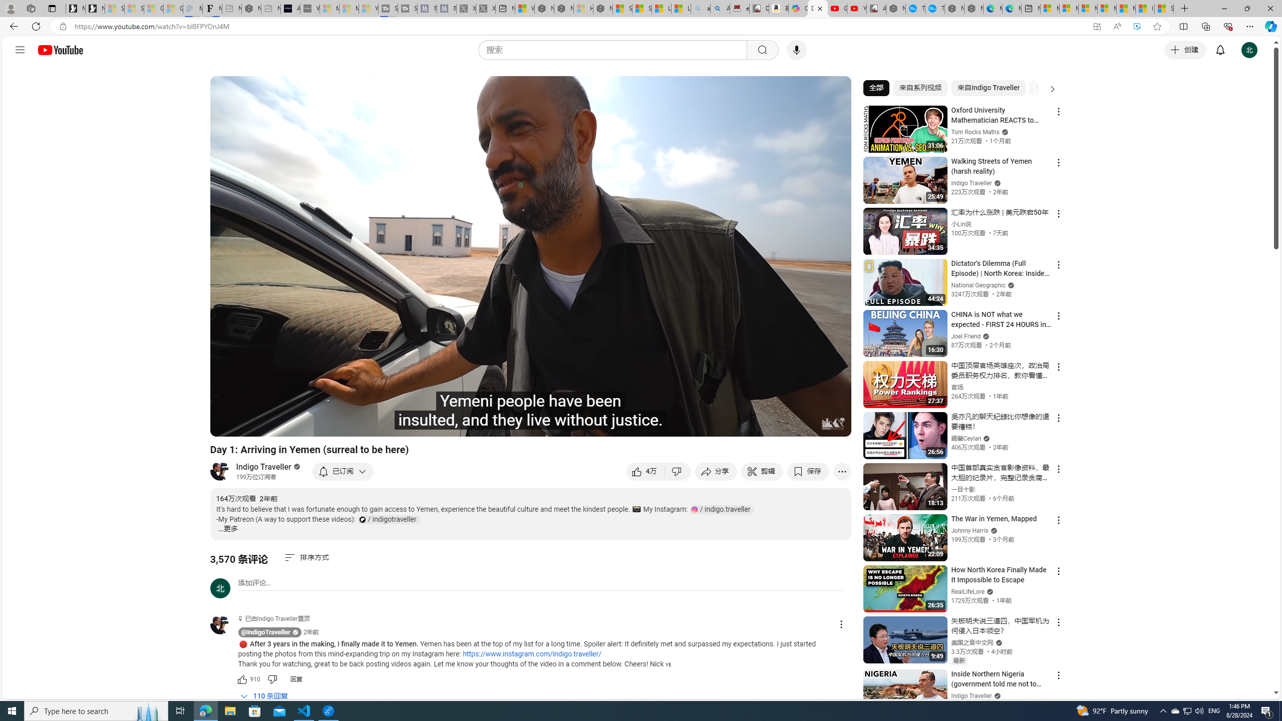 Image resolution: width=1282 pixels, height=721 pixels. What do you see at coordinates (349, 8) in the screenshot?
I see `'Microsoft Start - Sleeping'` at bounding box center [349, 8].